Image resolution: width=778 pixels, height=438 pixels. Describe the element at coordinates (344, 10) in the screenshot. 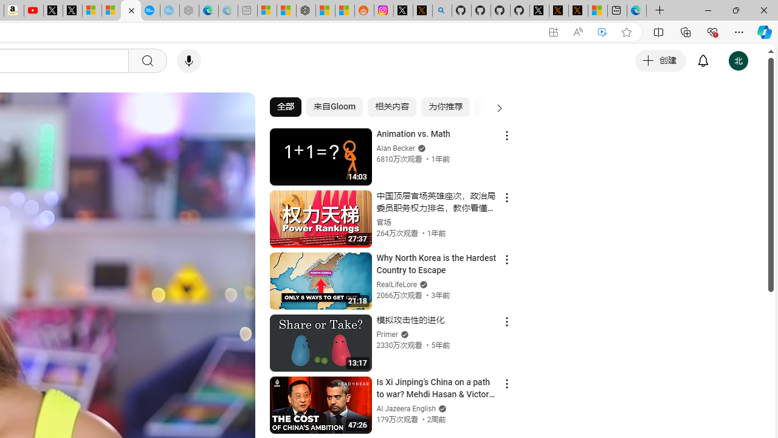

I see `'Shanghai, China Weather trends | Microsoft Weather'` at that location.